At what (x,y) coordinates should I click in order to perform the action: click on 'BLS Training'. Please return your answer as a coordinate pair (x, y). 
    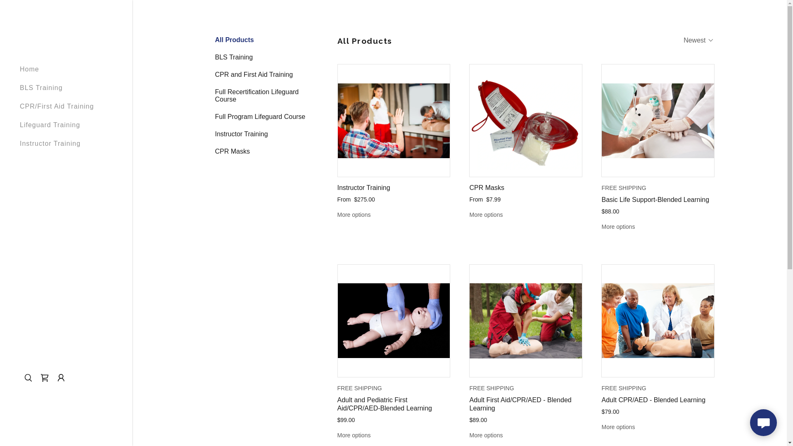
    Looking at the image, I should click on (214, 57).